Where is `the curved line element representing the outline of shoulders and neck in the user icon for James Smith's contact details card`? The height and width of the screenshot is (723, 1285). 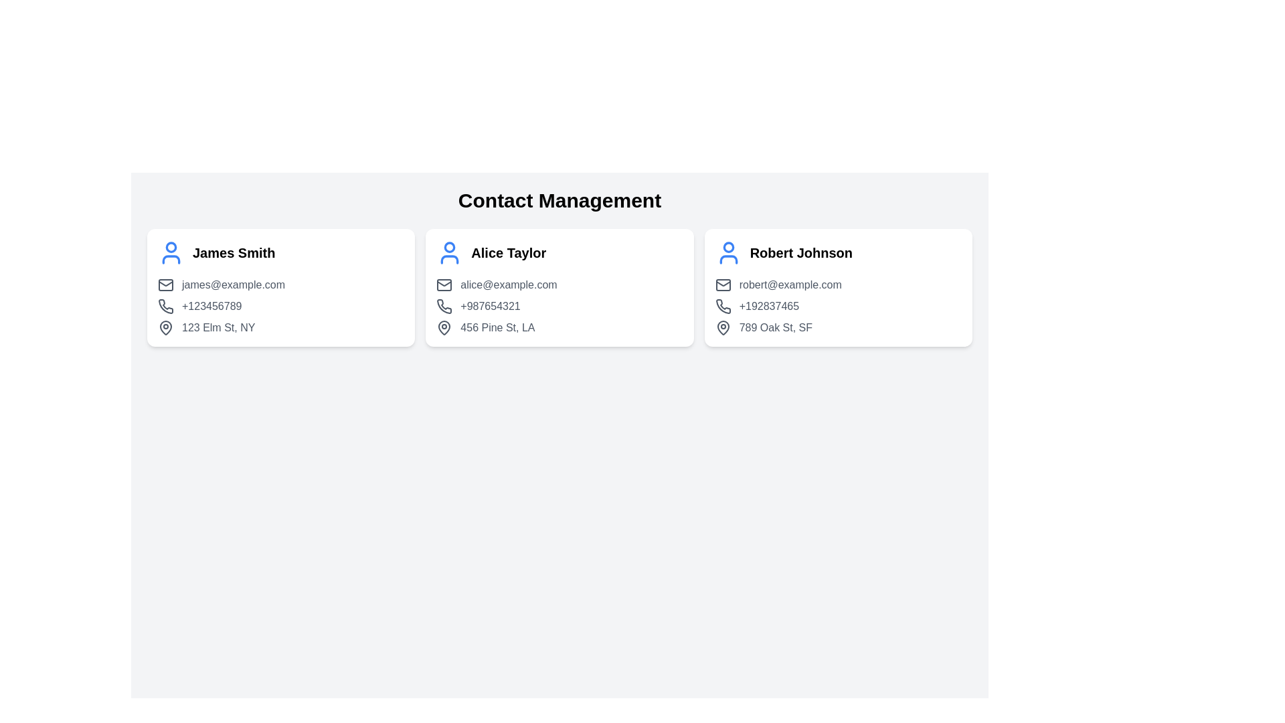
the curved line element representing the outline of shoulders and neck in the user icon for James Smith's contact details card is located at coordinates (169, 260).